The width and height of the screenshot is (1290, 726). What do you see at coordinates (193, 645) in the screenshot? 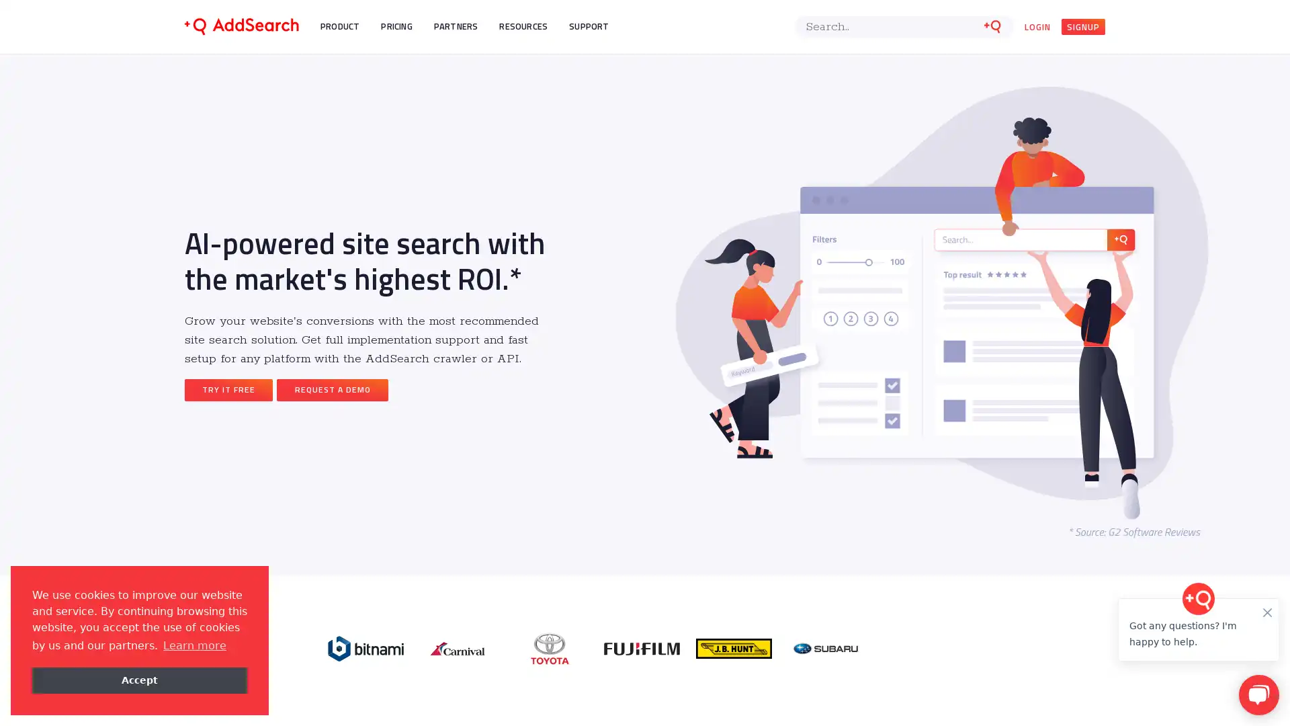
I see `learn more about cookies` at bounding box center [193, 645].